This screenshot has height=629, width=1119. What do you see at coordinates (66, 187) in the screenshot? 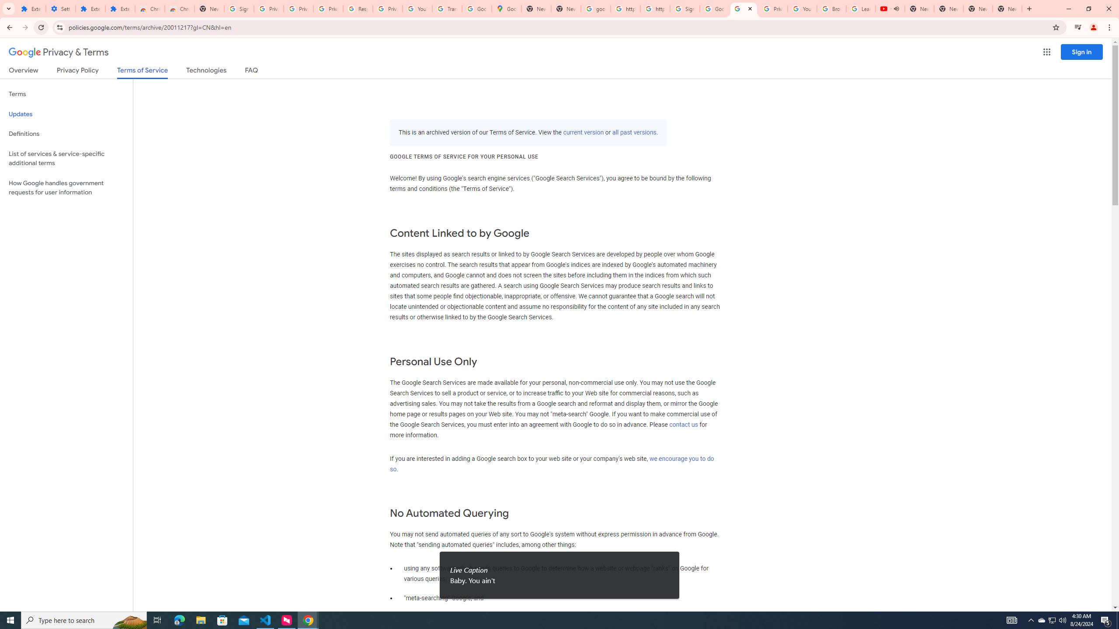
I see `'How Google handles government requests for user information'` at bounding box center [66, 187].